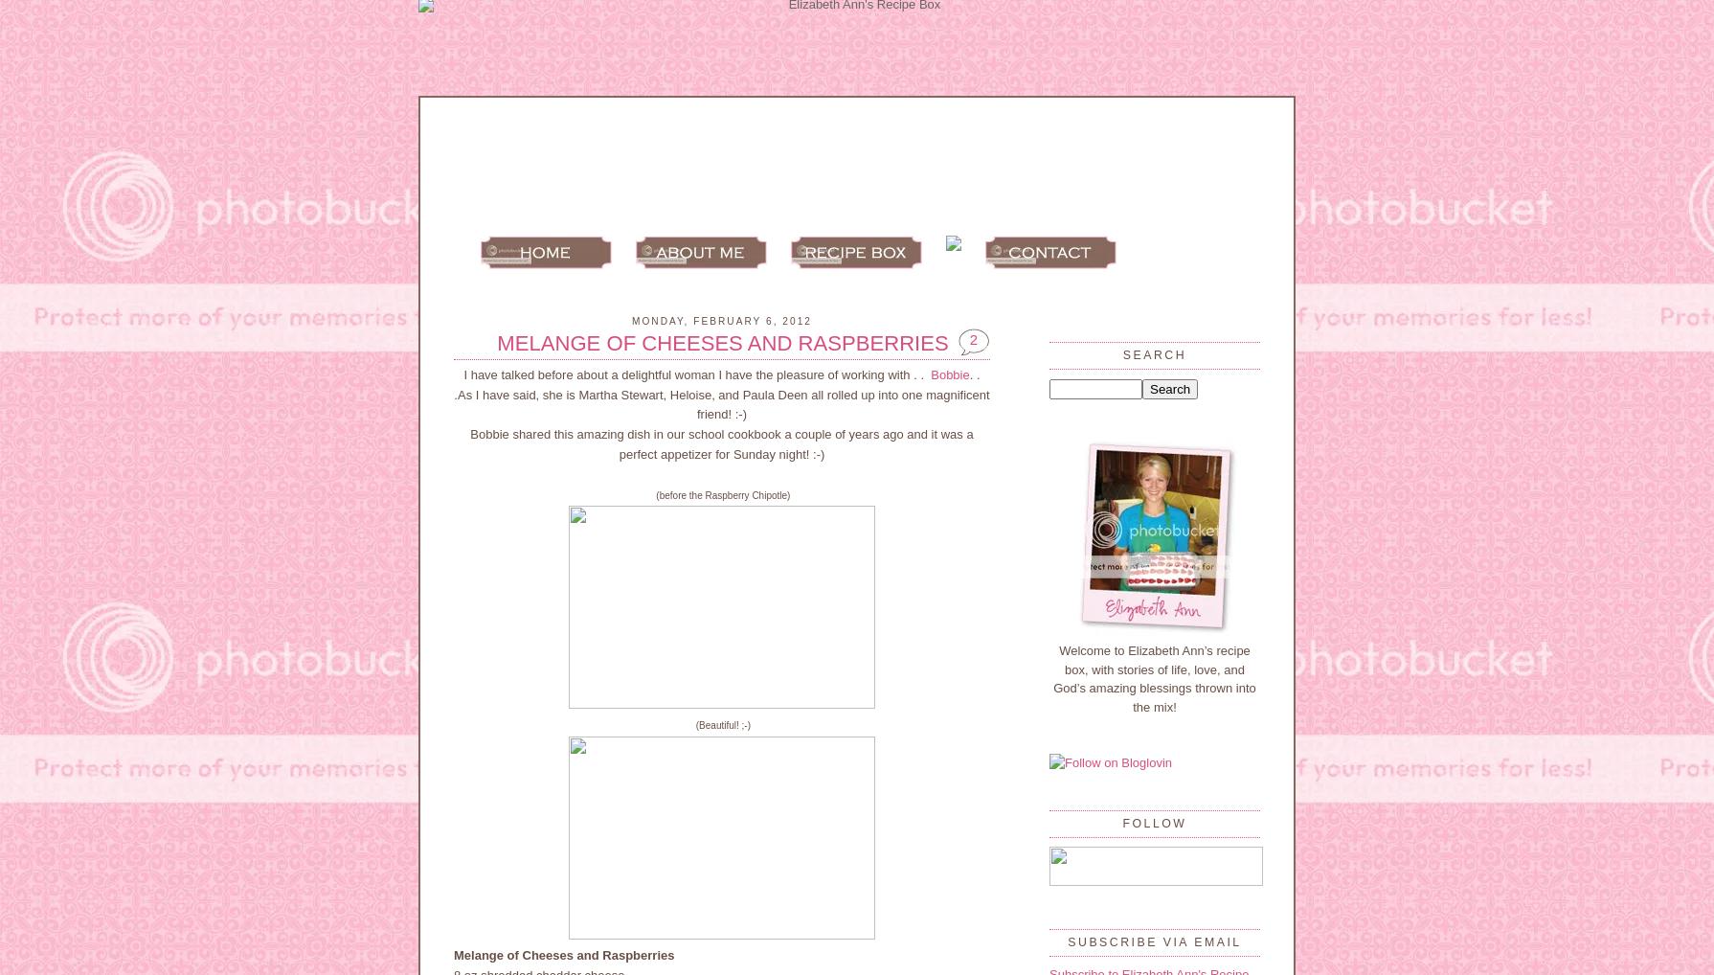 This screenshot has width=1714, height=975. Describe the element at coordinates (720, 443) in the screenshot. I see `'Bobbie shared this amazing dish in our school cookbook a couple of years ago and it was a perfect appetizer for Sunday night! :-)'` at that location.